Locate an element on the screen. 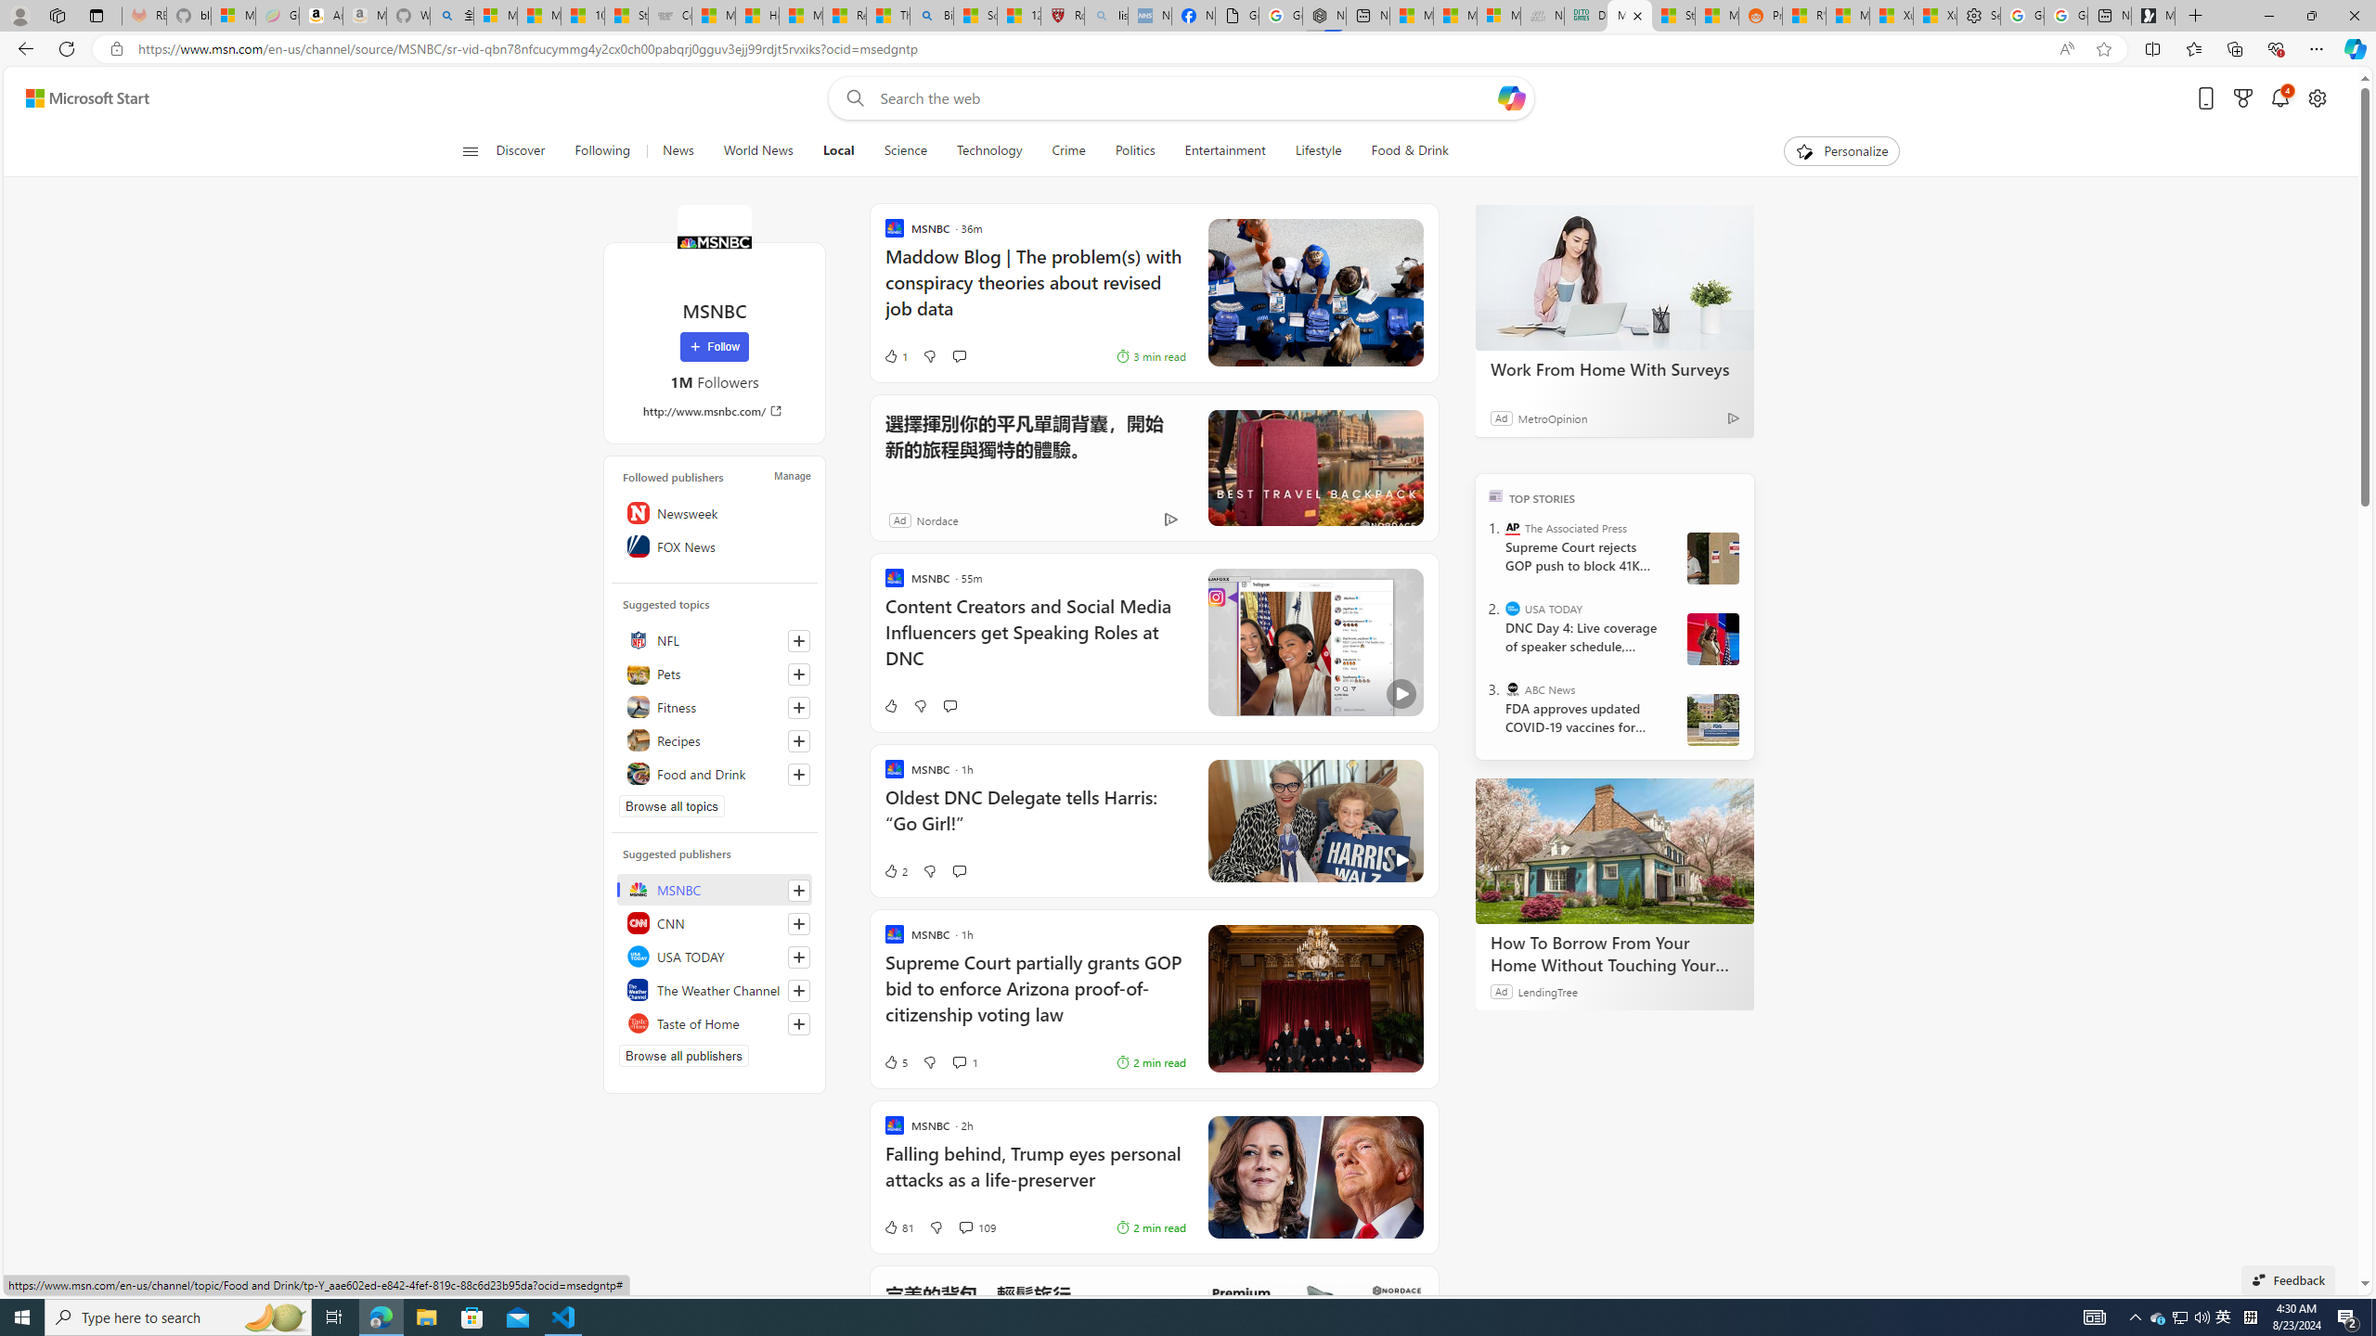 Image resolution: width=2376 pixels, height=1336 pixels. 'Pets' is located at coordinates (715, 672).